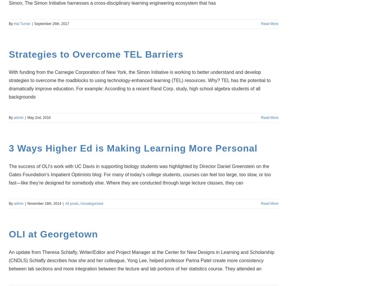 This screenshot has width=382, height=286. Describe the element at coordinates (22, 23) in the screenshot. I see `'Hal Turner'` at that location.